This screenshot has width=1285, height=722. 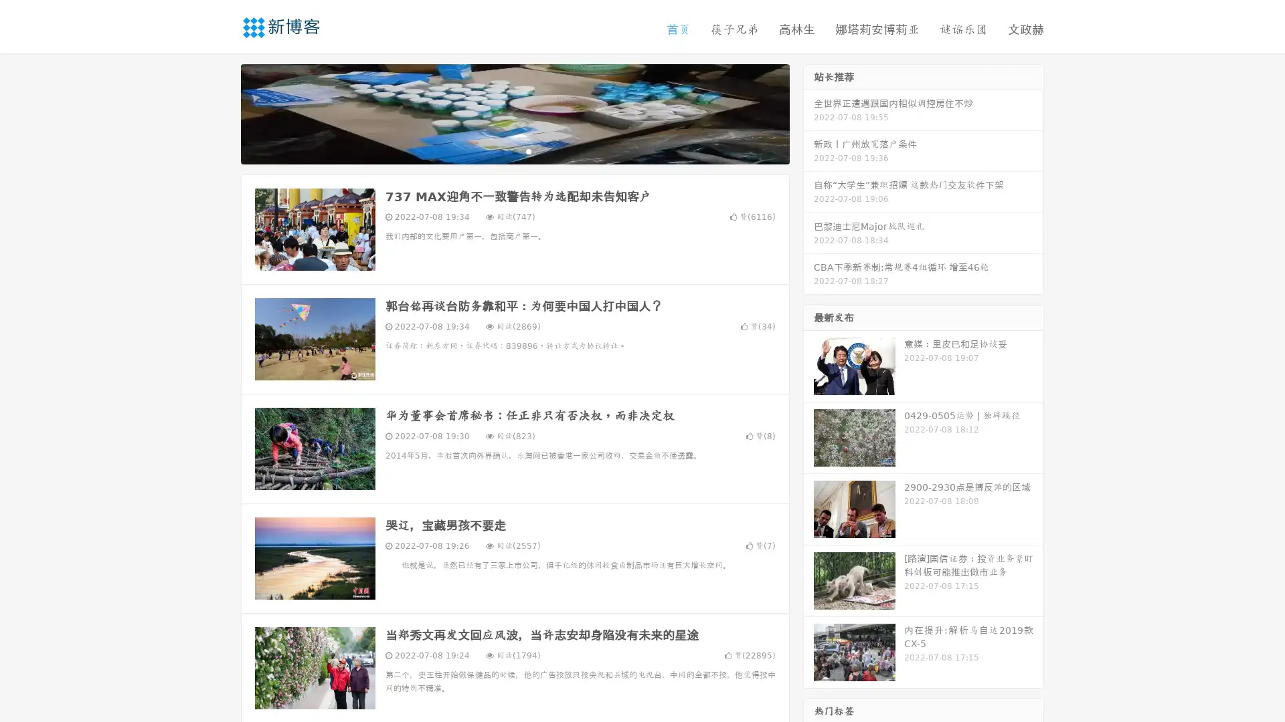 What do you see at coordinates (221, 112) in the screenshot?
I see `Previous slide` at bounding box center [221, 112].